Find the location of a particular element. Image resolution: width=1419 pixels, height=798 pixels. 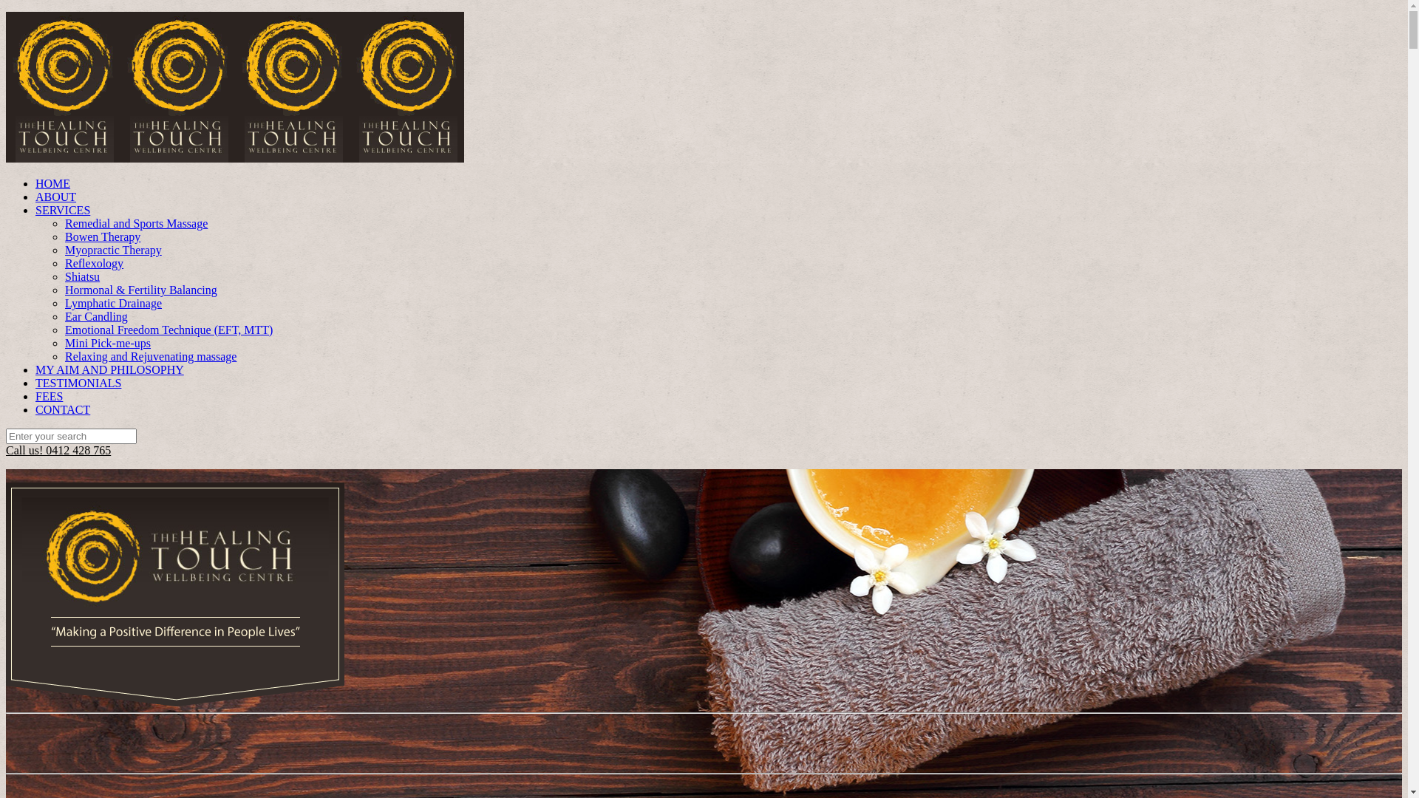

'Mini Pick-me-ups' is located at coordinates (106, 343).